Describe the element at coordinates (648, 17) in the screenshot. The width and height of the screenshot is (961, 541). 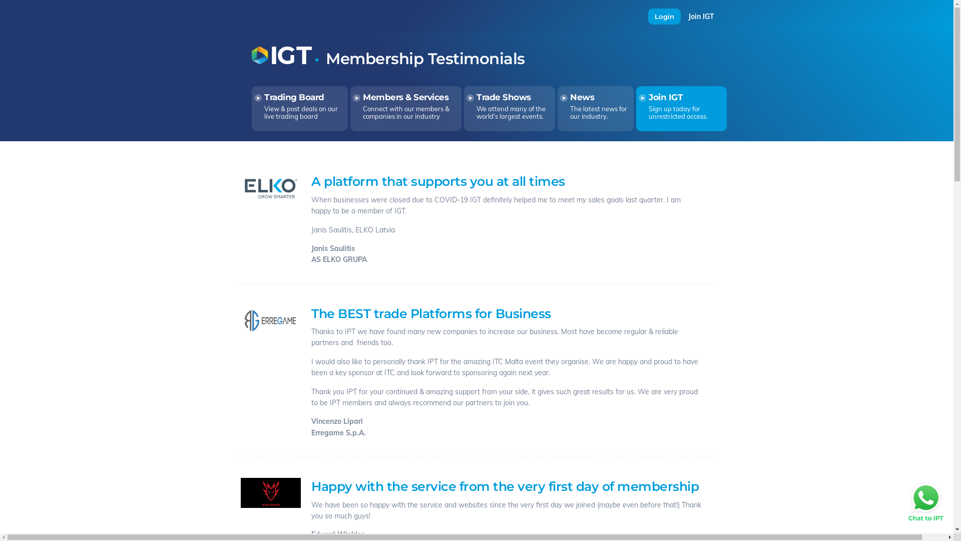
I see `'Login'` at that location.